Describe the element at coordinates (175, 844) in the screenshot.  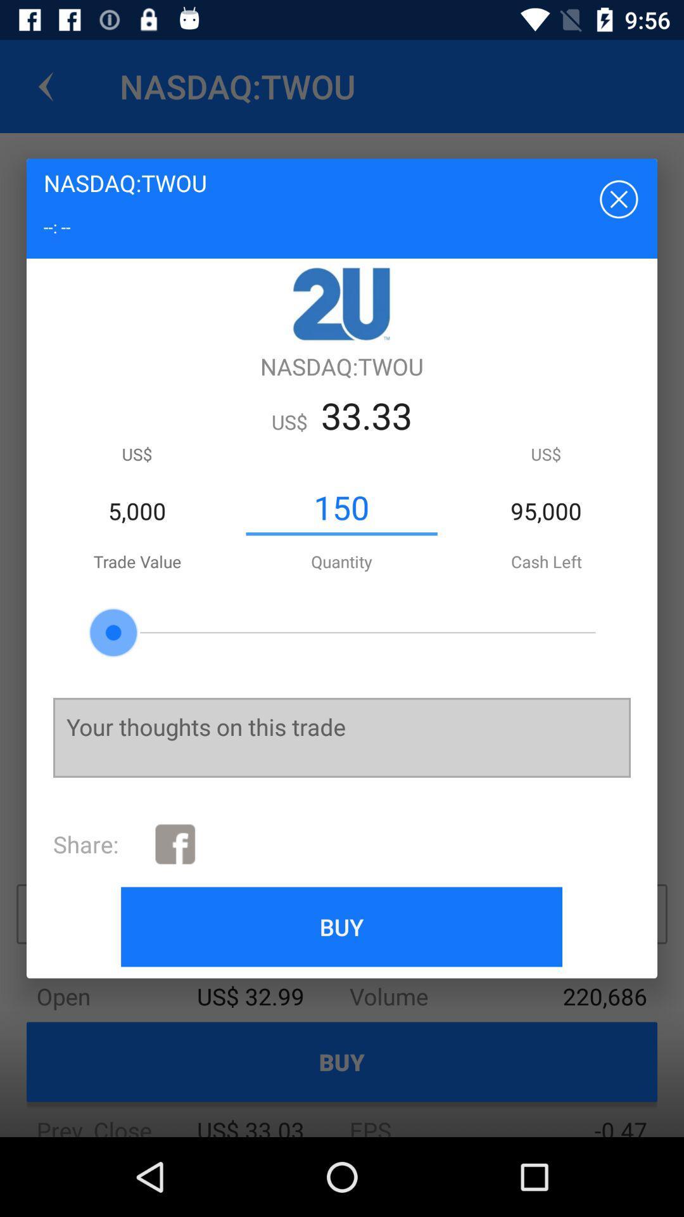
I see `item next to share: item` at that location.